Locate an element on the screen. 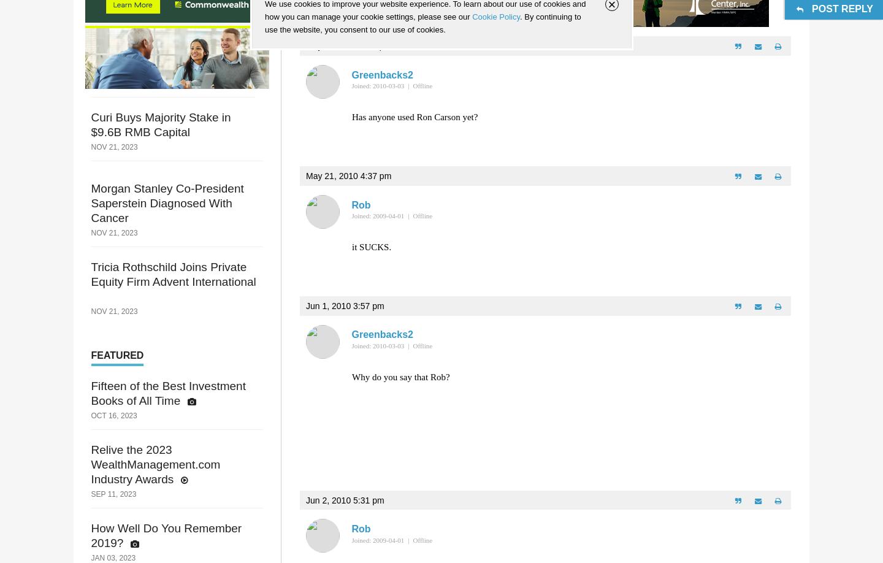 The height and width of the screenshot is (563, 883). 'Jun 1, 2010 3:57 pm' is located at coordinates (345, 305).